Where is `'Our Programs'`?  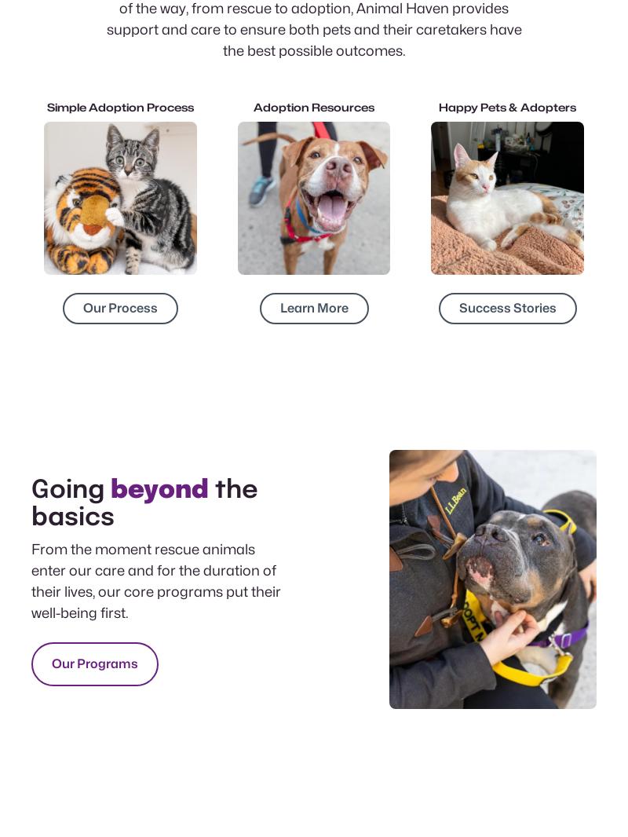
'Our Programs' is located at coordinates (93, 663).